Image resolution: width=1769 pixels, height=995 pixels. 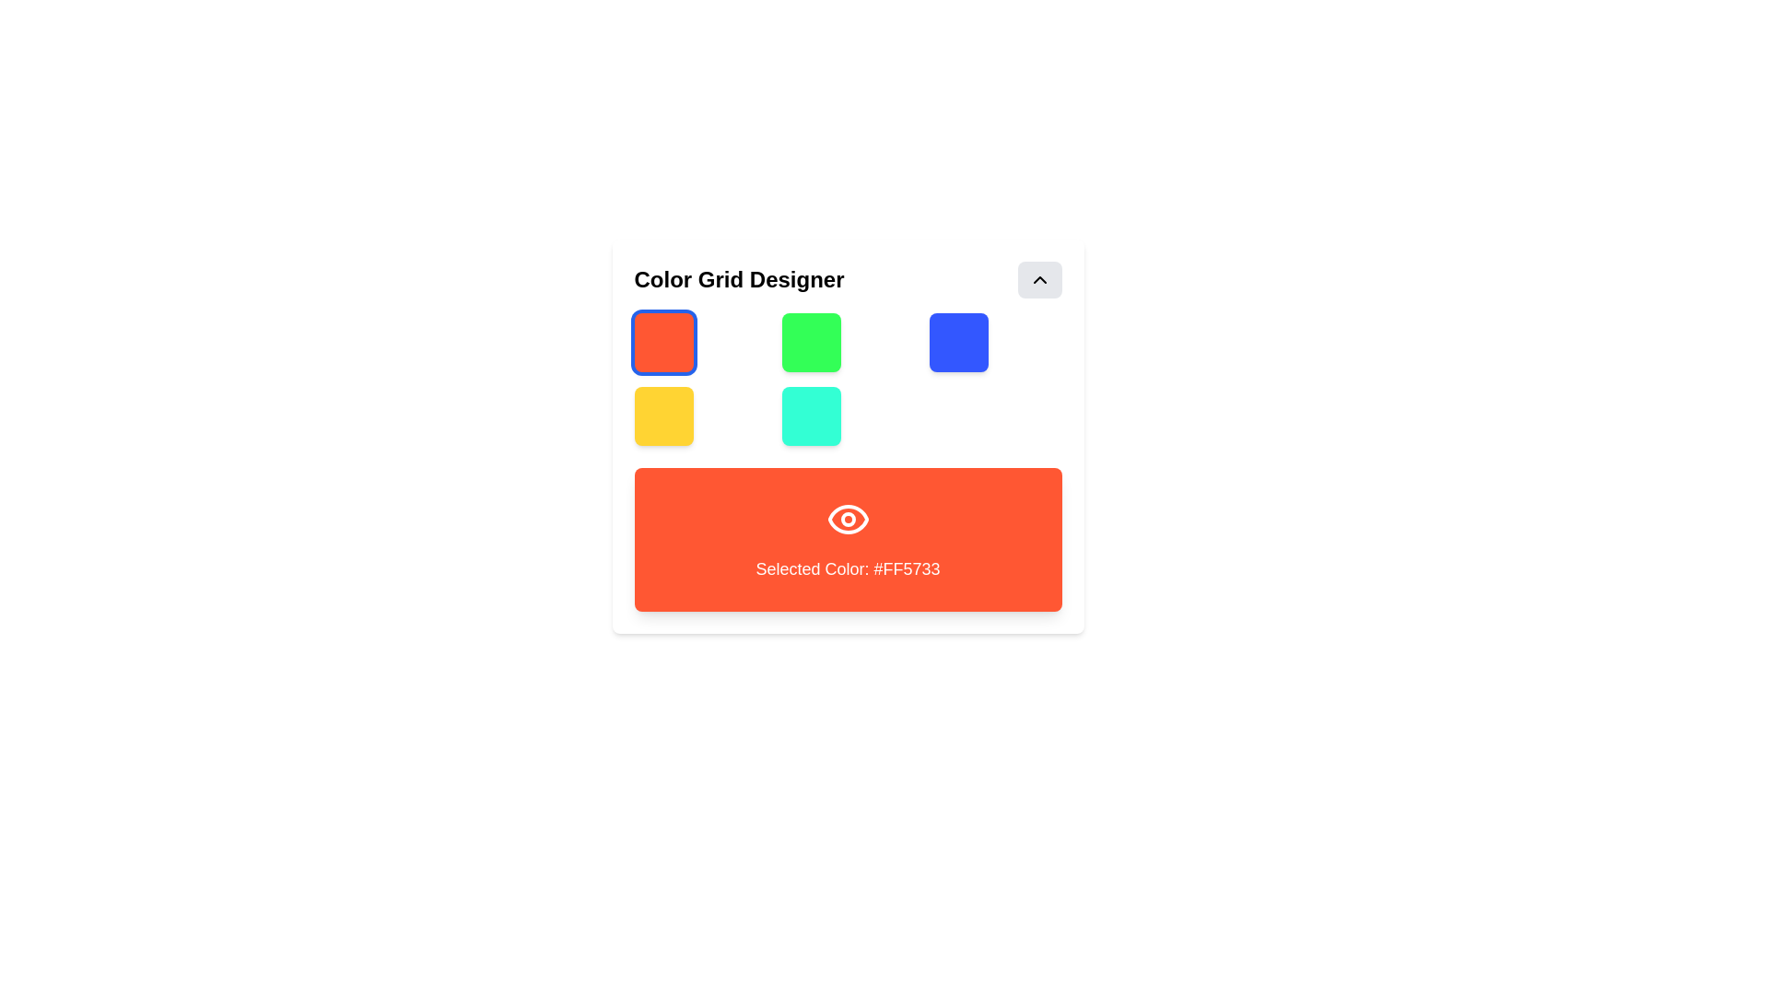 I want to click on the text label that reads 'Selected Color: #FF5733', which is displayed in a medium font-weight, large size, and white color on a bright orange rectangular background, located beneath an eye icon, so click(x=847, y=568).